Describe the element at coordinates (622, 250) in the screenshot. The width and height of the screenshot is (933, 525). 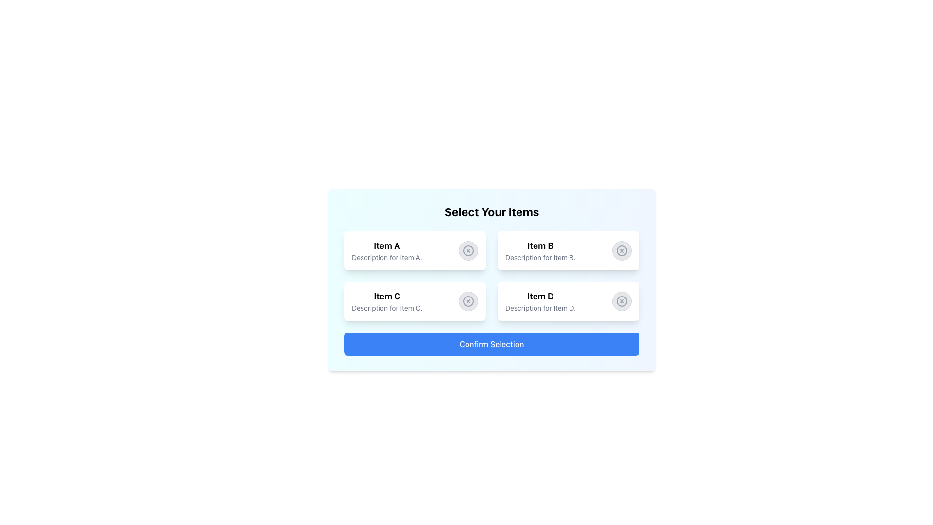
I see `the circular 'X' button in the upper-right corner of 'Item B' to deselect or remove the item` at that location.